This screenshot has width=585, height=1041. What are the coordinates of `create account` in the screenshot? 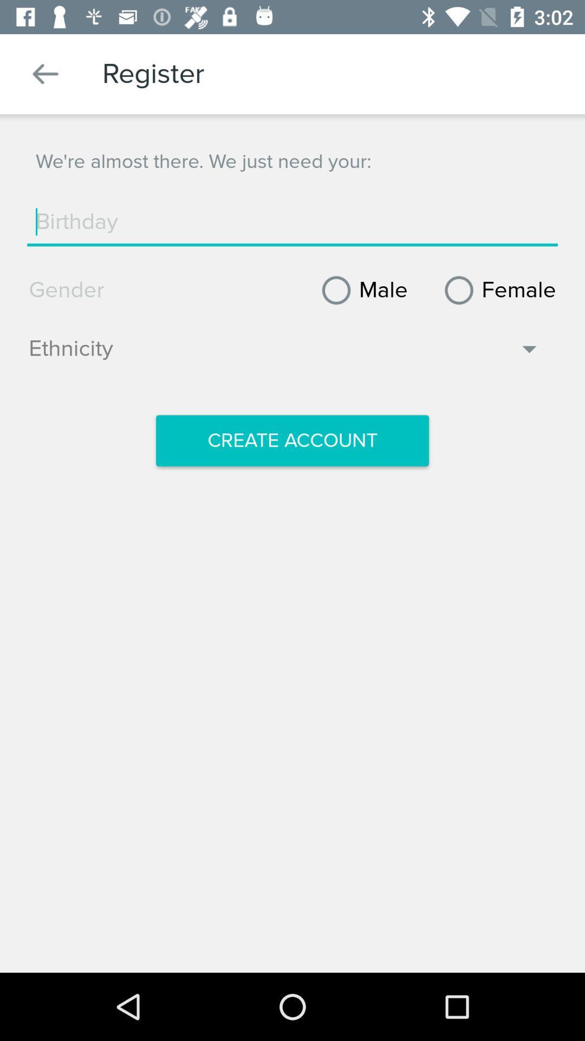 It's located at (292, 440).